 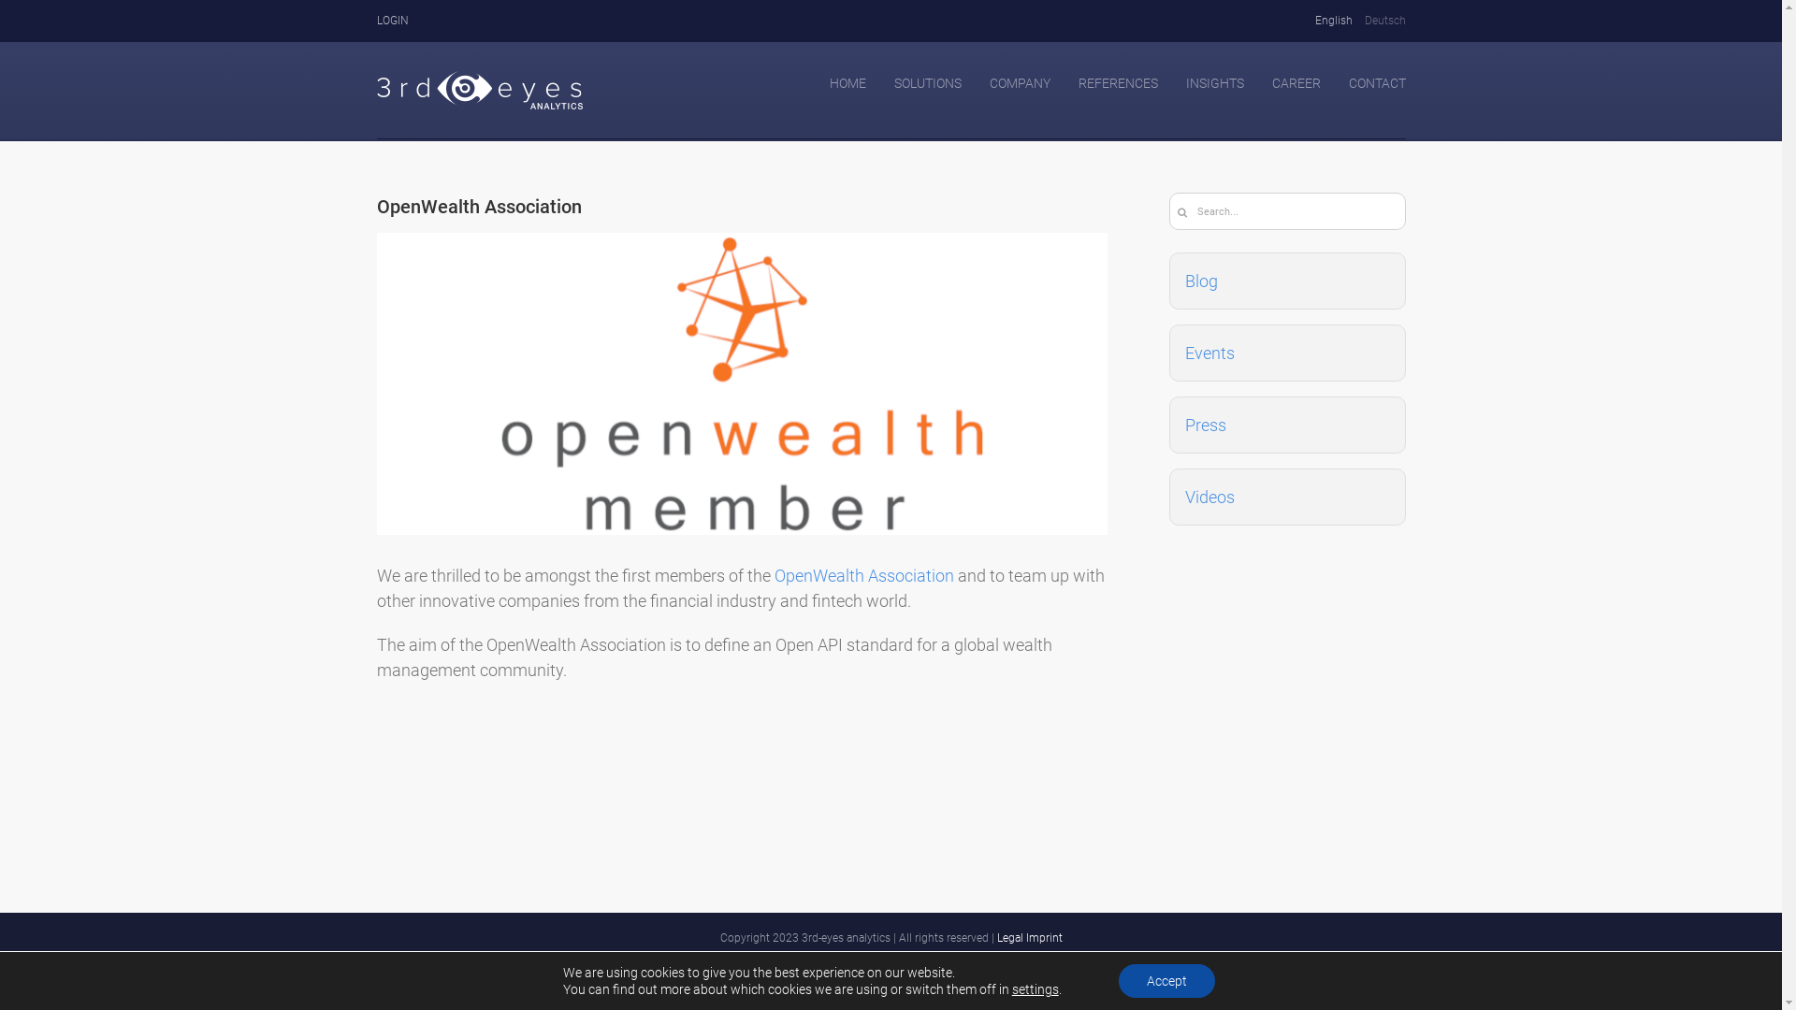 What do you see at coordinates (1028, 937) in the screenshot?
I see `'Legal Imprint'` at bounding box center [1028, 937].